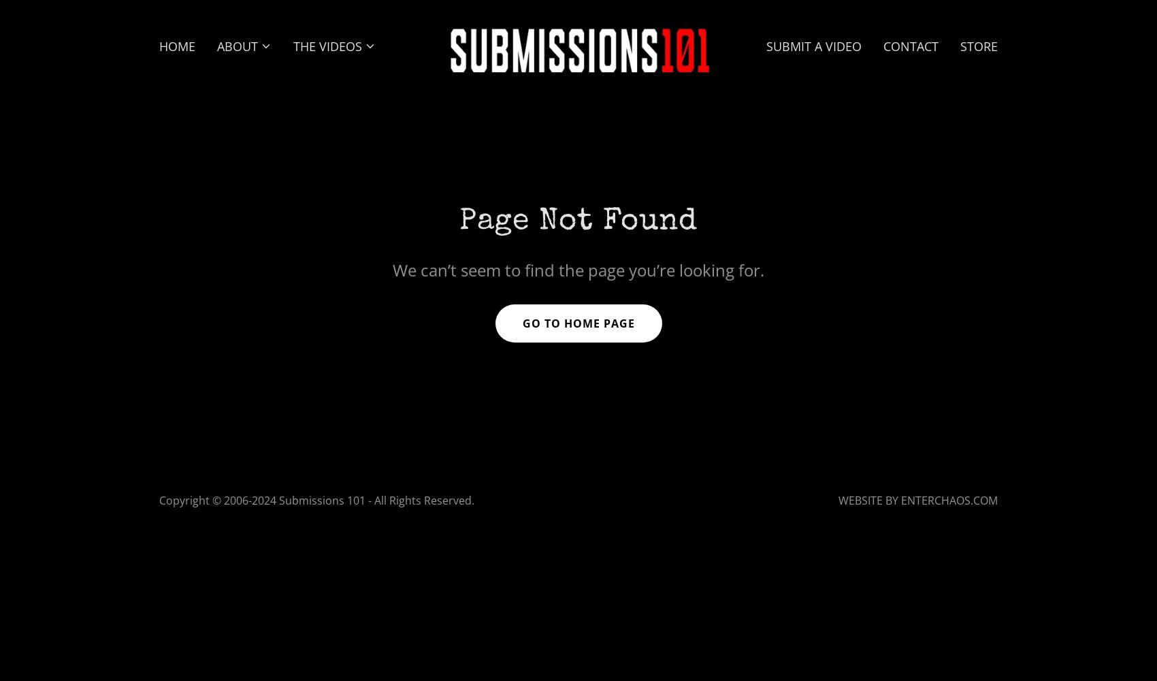 This screenshot has height=681, width=1157. Describe the element at coordinates (917, 500) in the screenshot. I see `'WEBSITE BY ENTERCHAOS.COM'` at that location.